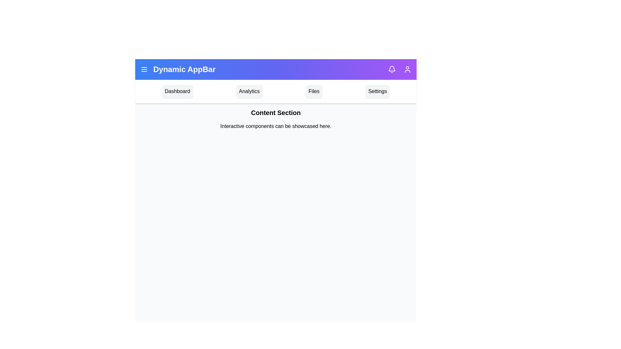  Describe the element at coordinates (144, 69) in the screenshot. I see `the menu icon to toggle the menu visibility` at that location.